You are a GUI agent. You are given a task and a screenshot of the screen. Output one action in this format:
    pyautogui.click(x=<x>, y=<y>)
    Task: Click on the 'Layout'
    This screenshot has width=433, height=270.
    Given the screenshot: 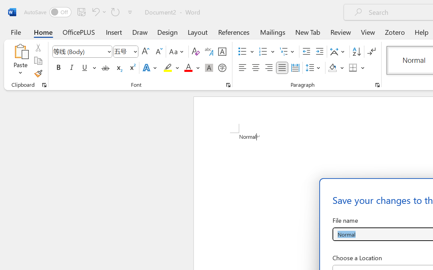 What is the action you would take?
    pyautogui.click(x=197, y=32)
    